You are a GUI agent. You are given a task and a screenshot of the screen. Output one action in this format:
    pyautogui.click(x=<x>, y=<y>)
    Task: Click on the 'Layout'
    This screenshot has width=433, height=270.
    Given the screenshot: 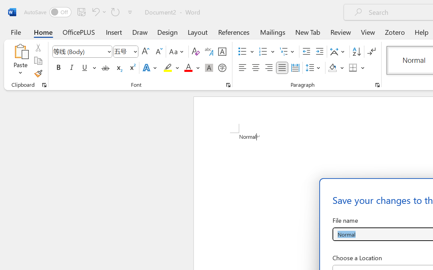 What is the action you would take?
    pyautogui.click(x=197, y=32)
    